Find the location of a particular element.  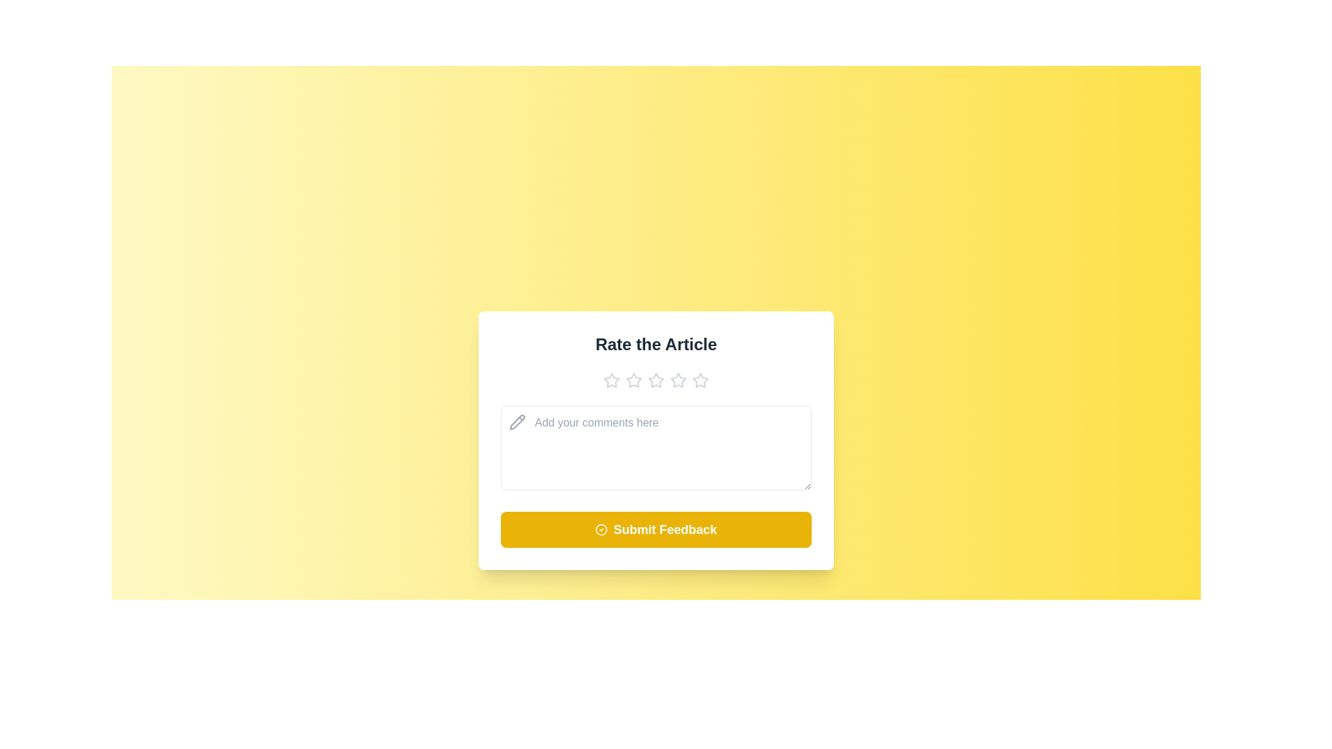

the first star icon is located at coordinates (611, 379).